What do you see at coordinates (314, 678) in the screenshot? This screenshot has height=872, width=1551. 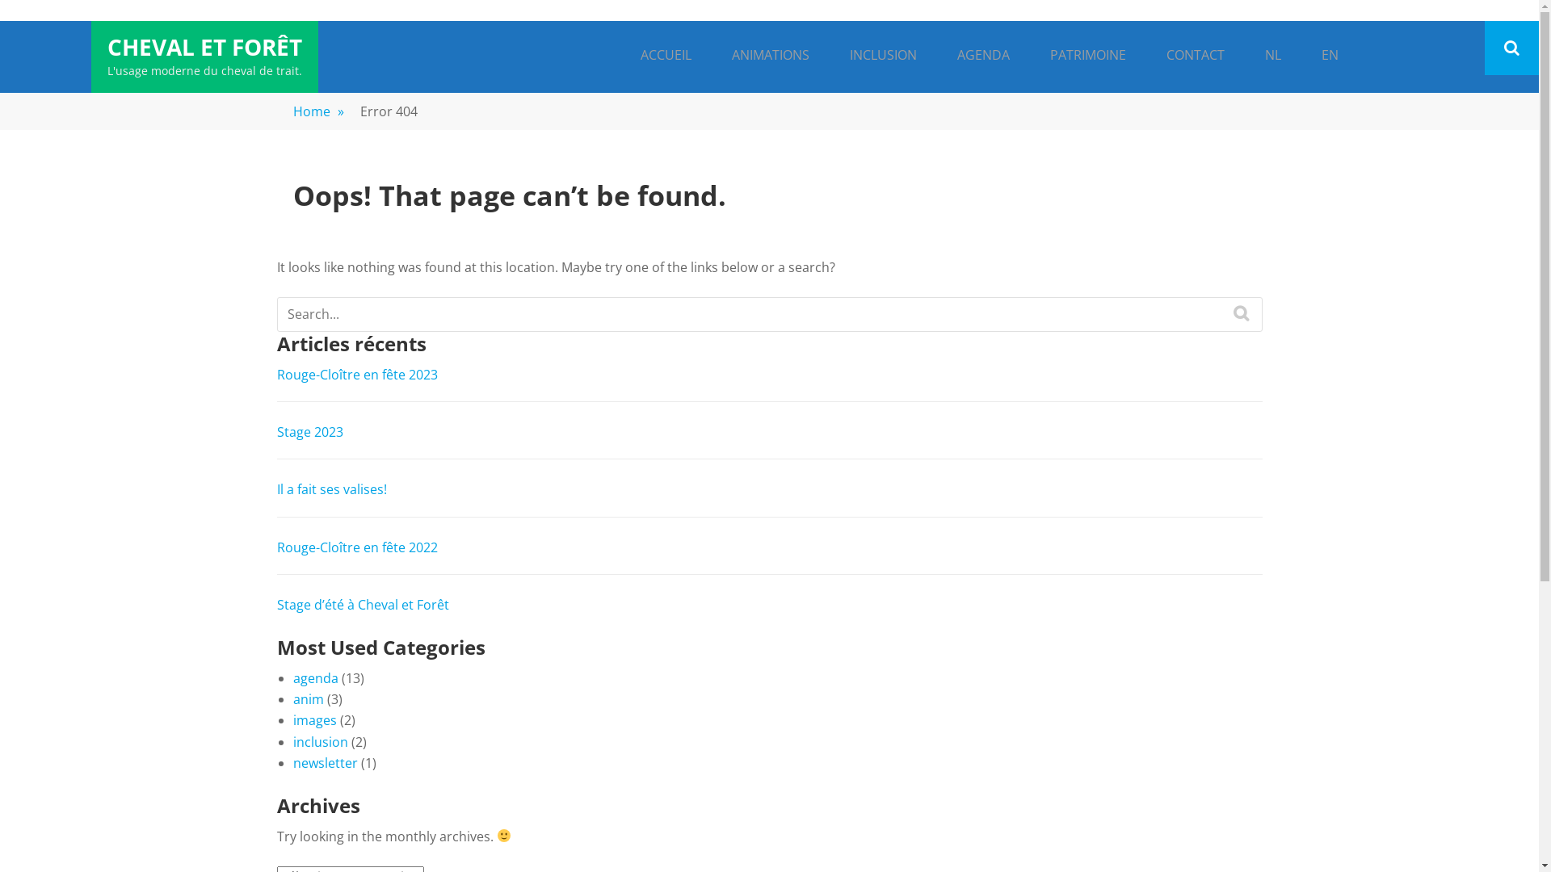 I see `'agenda'` at bounding box center [314, 678].